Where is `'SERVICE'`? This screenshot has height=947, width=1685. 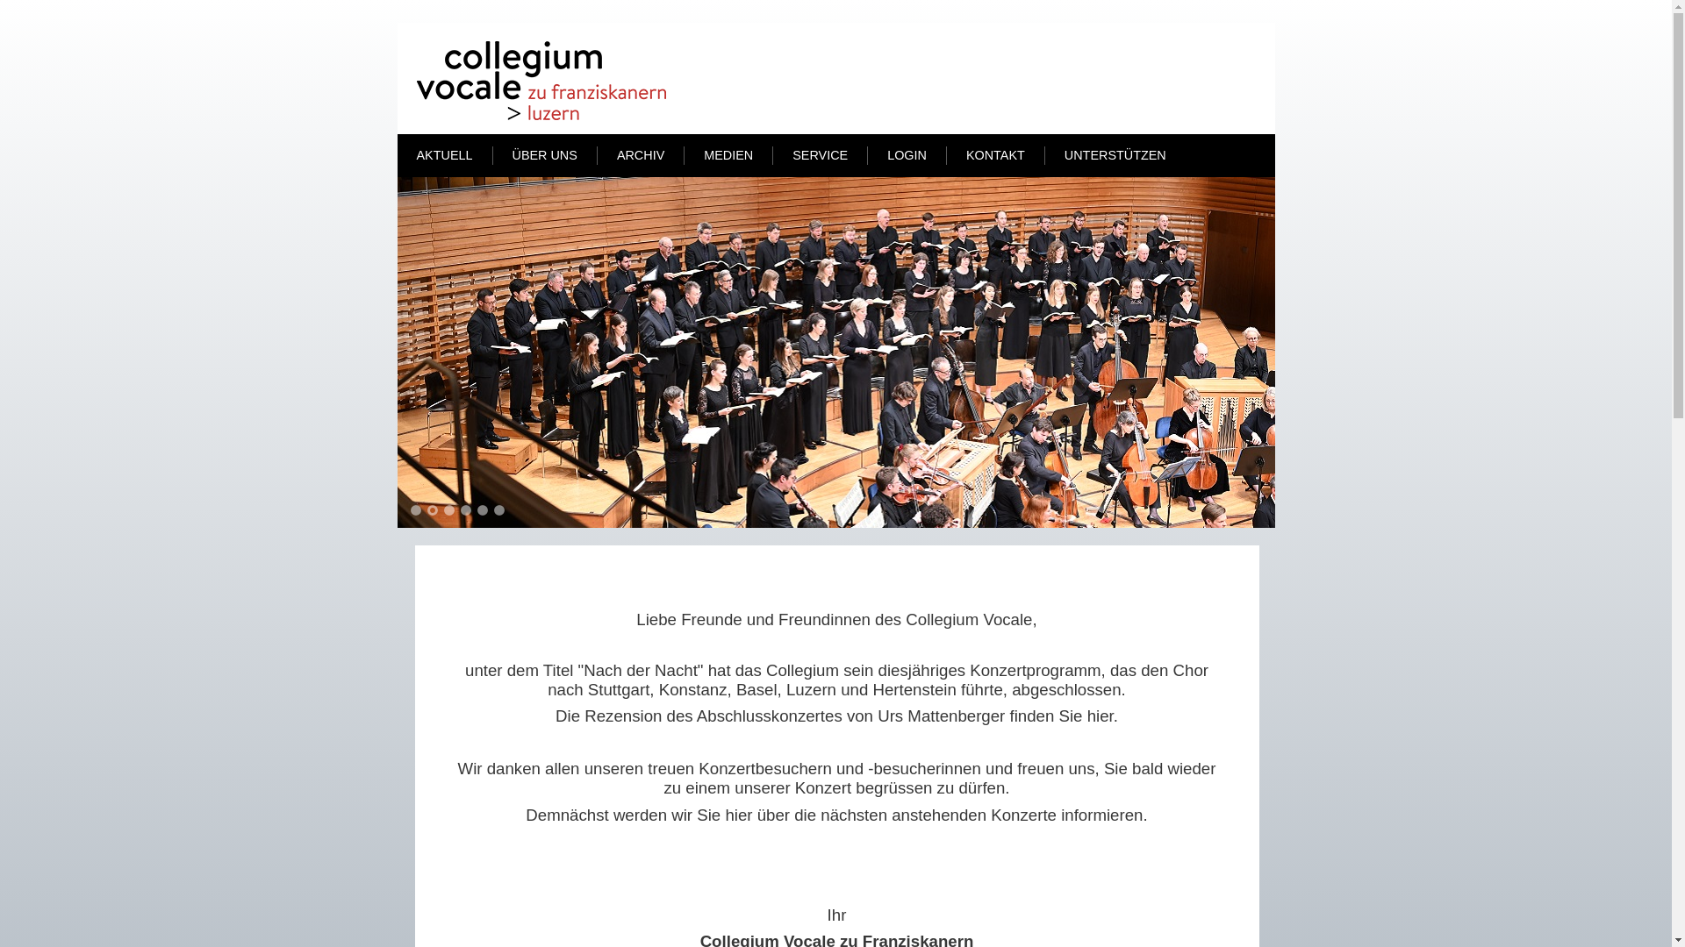 'SERVICE' is located at coordinates (819, 154).